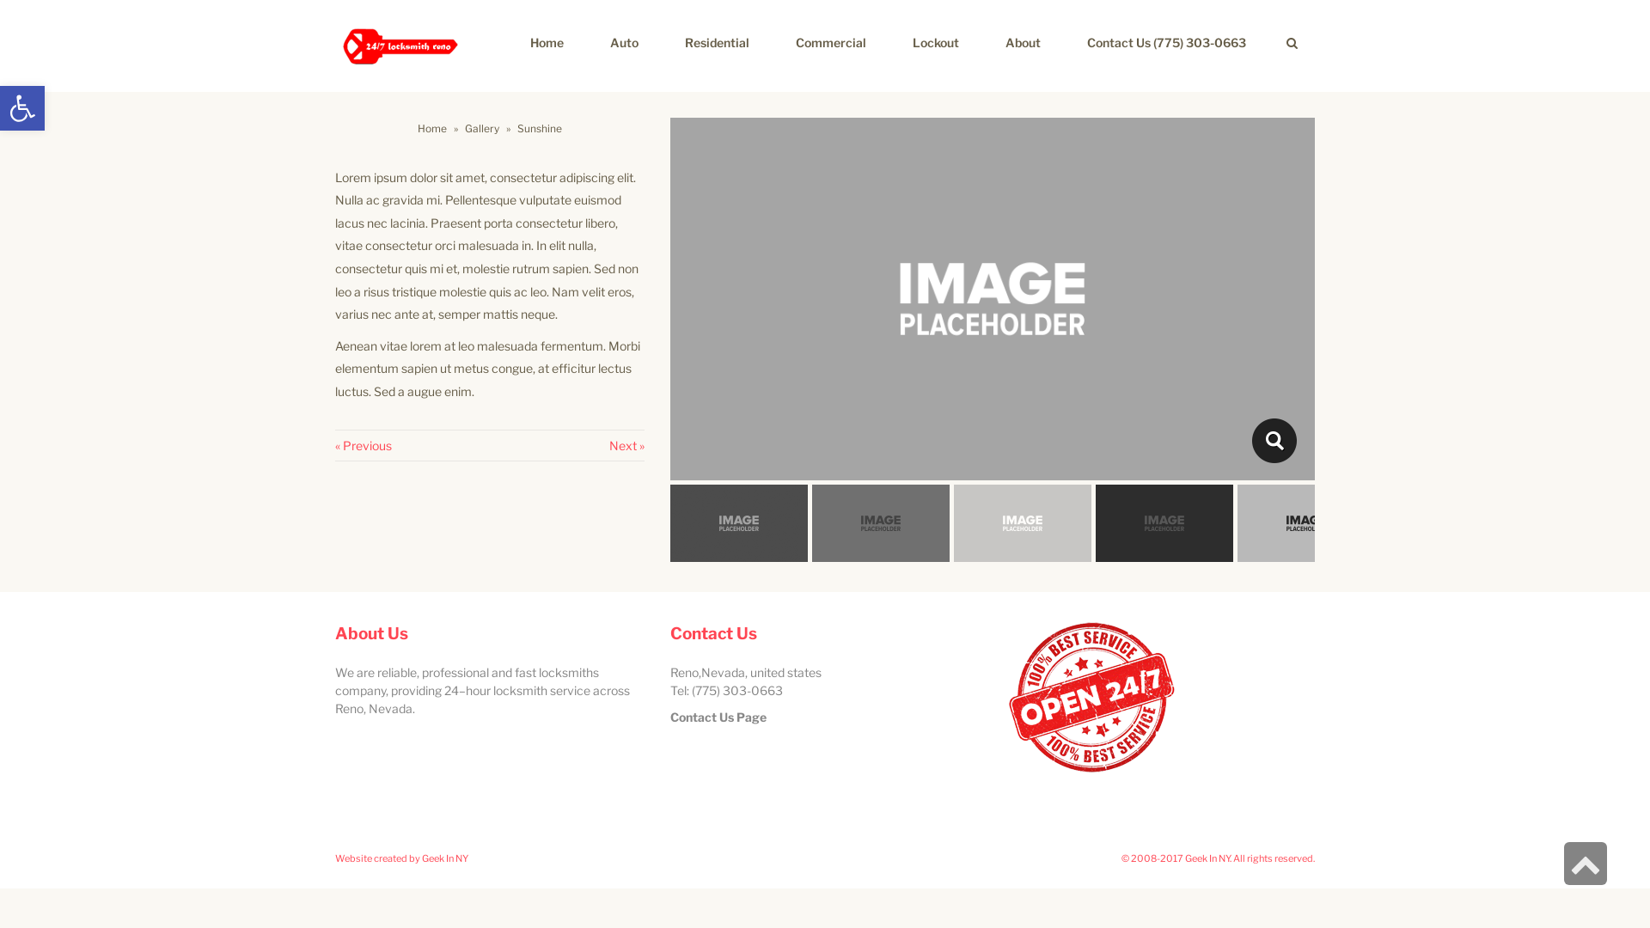 This screenshot has height=928, width=1650. I want to click on 'Open toolbar', so click(21, 108).